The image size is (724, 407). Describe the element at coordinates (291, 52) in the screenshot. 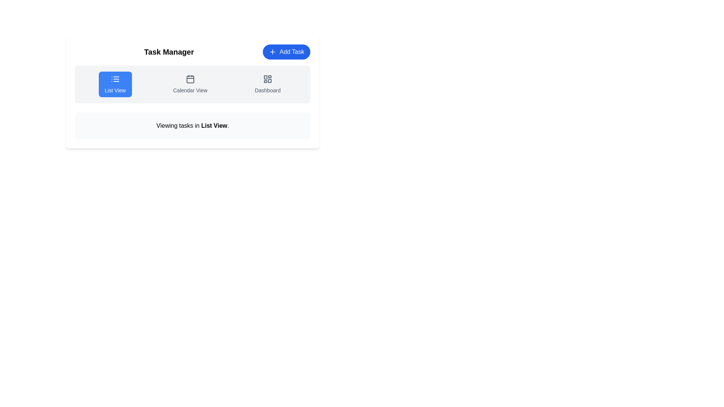

I see `text label that indicates the function of the add task button in the task manager application, located in the header section towards the top right corner` at that location.